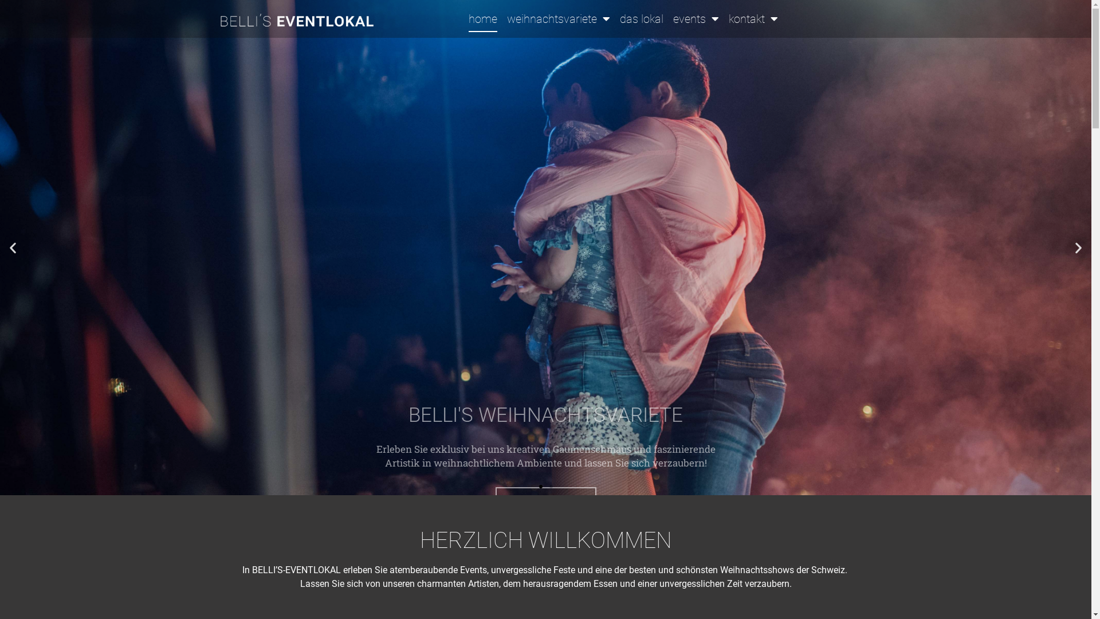 The height and width of the screenshot is (619, 1100). Describe the element at coordinates (695, 19) in the screenshot. I see `'events'` at that location.